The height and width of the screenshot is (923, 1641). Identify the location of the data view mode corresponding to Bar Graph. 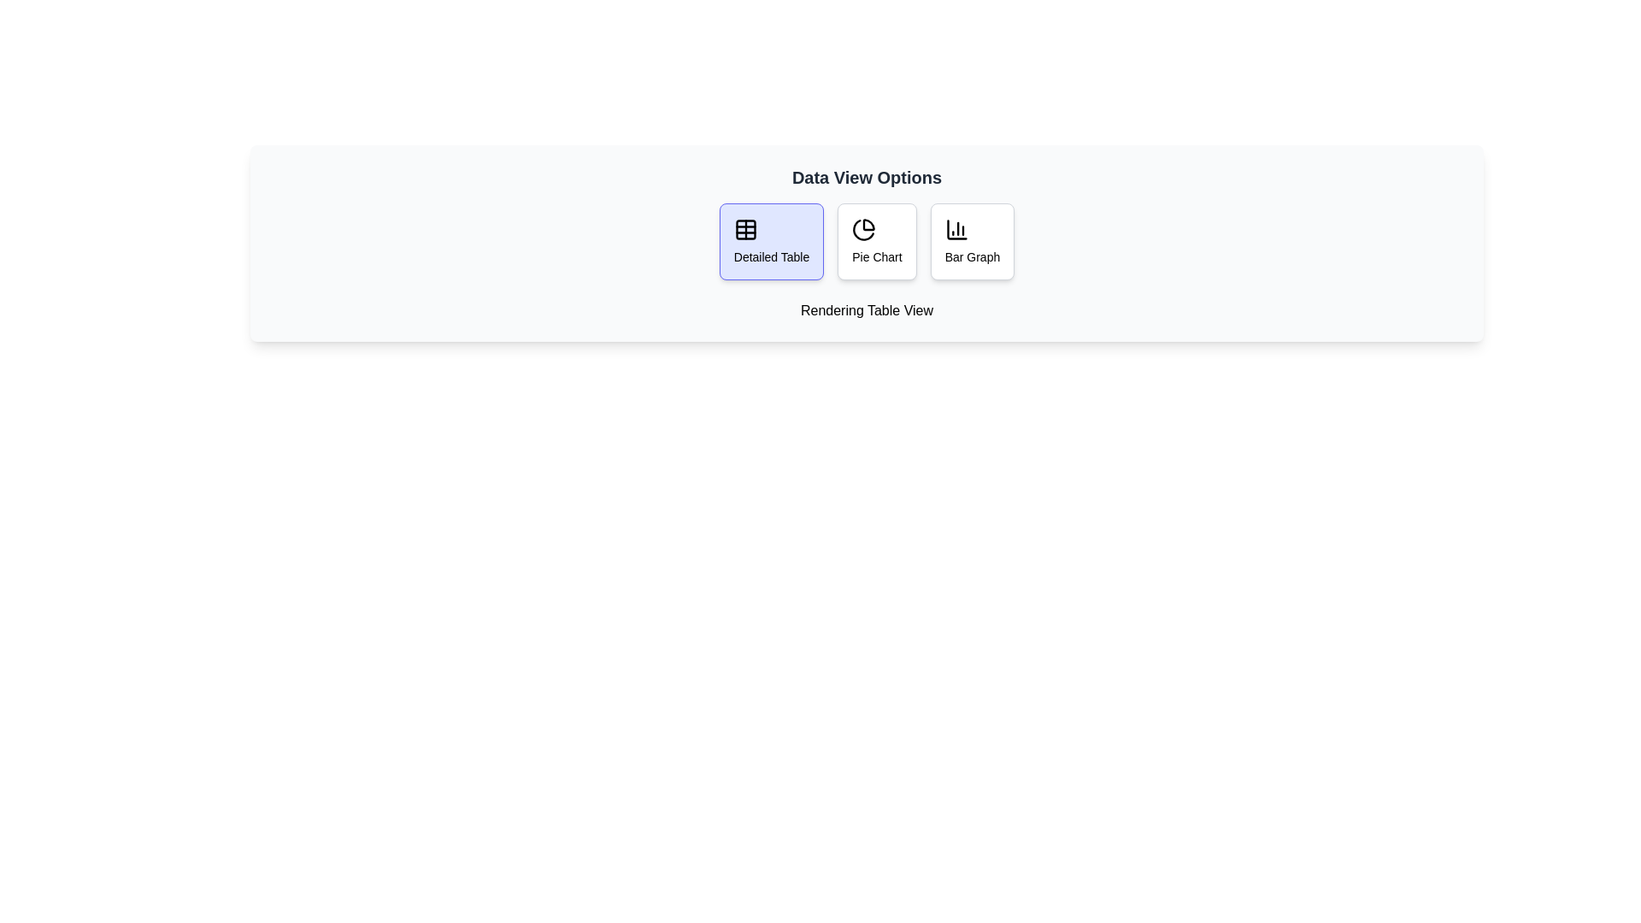
(972, 241).